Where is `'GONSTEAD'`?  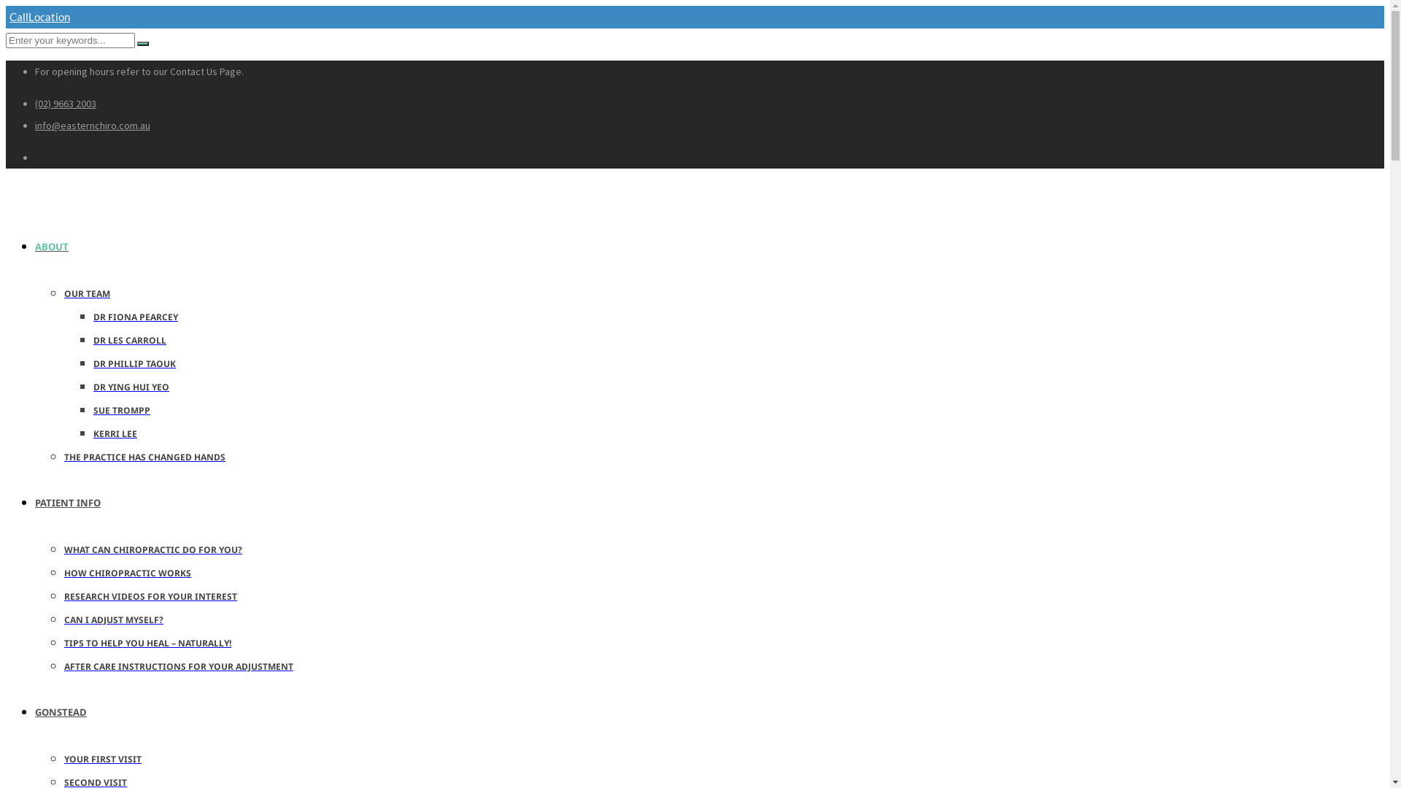 'GONSTEAD' is located at coordinates (73, 711).